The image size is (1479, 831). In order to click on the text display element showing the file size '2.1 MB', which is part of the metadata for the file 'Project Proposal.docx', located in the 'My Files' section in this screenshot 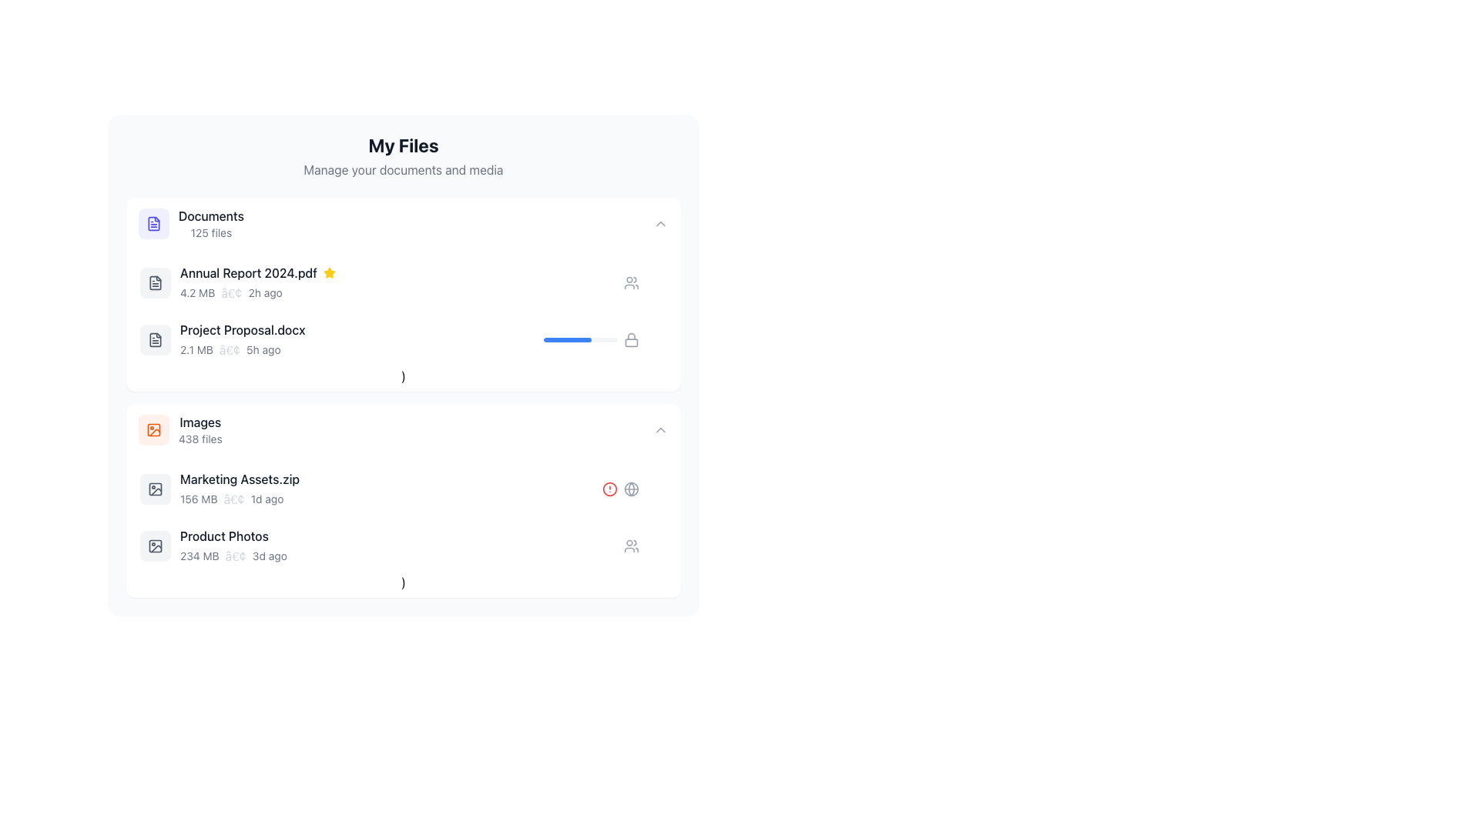, I will do `click(196, 350)`.